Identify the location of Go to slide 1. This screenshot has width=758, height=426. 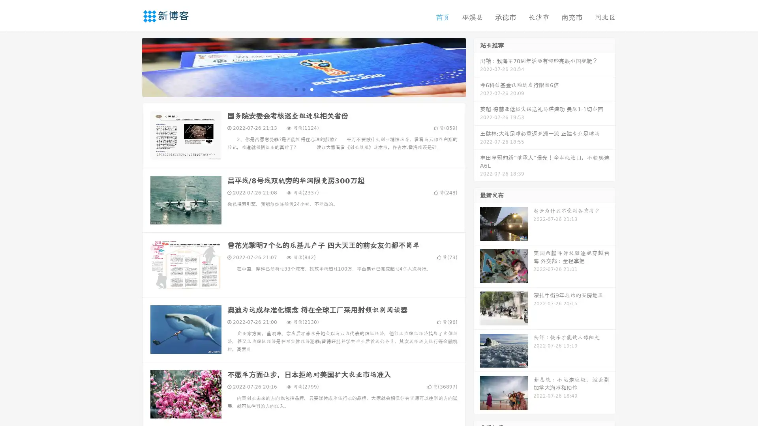
(295, 89).